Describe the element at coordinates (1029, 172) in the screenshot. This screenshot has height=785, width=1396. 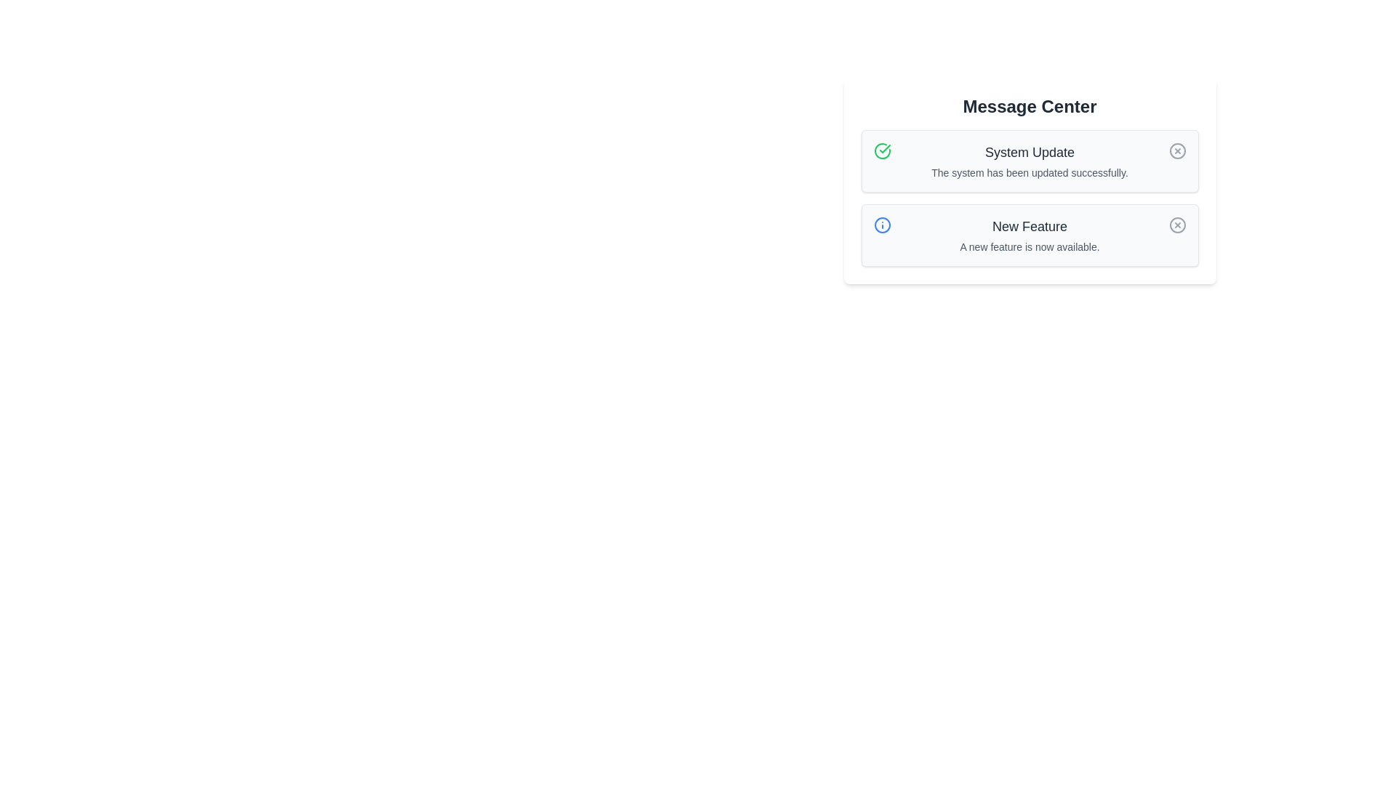
I see `the Text label that provides confirmation of the successful system update, located beneath the 'System Update' heading in the notification card` at that location.